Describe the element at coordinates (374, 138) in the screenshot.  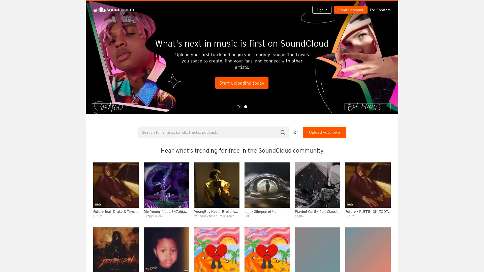
I see `Clear` at that location.